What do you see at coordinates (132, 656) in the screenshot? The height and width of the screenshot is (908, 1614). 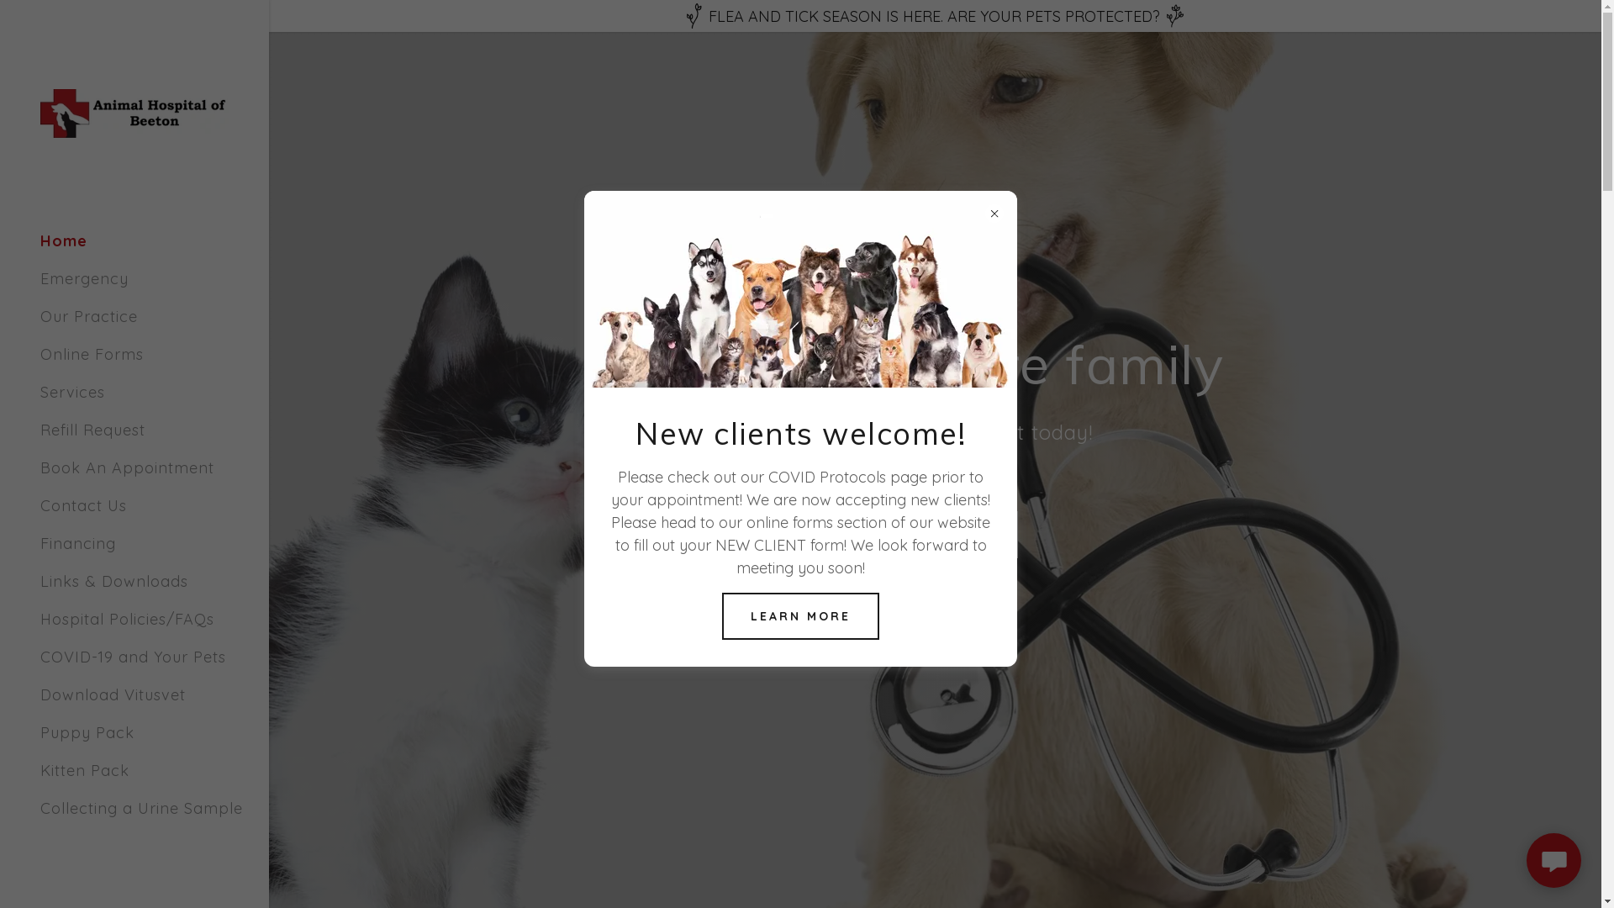 I see `'COVID-19 and Your Pets'` at bounding box center [132, 656].